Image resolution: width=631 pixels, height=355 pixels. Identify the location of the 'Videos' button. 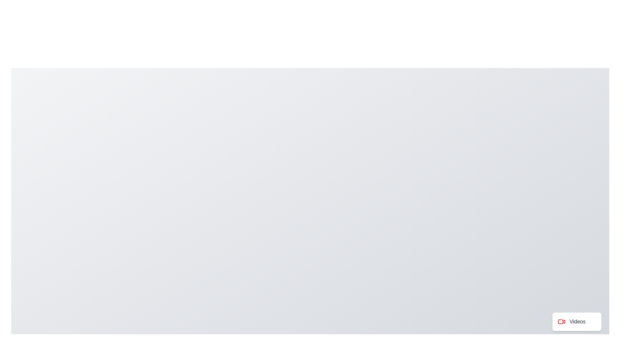
(576, 321).